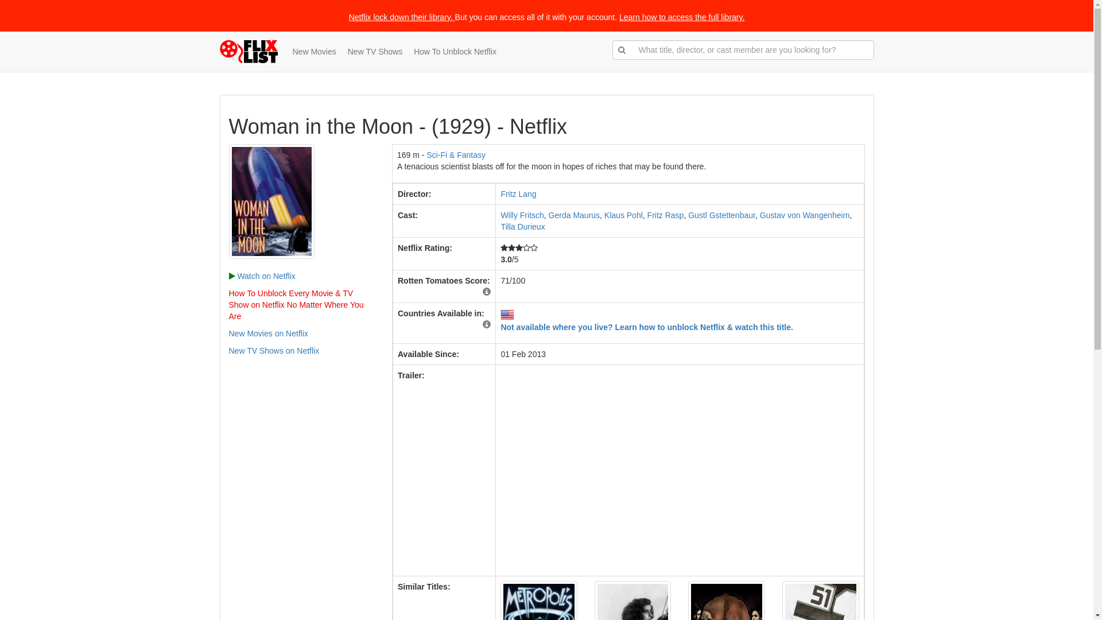 The height and width of the screenshot is (620, 1102). What do you see at coordinates (623, 215) in the screenshot?
I see `'Klaus Pohl'` at bounding box center [623, 215].